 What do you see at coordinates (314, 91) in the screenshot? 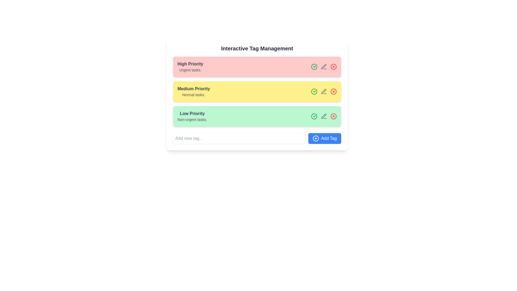
I see `the circular icon with a checkmark inside it, which is styled with a green outline and associated with the 'Medium Priority' label` at bounding box center [314, 91].